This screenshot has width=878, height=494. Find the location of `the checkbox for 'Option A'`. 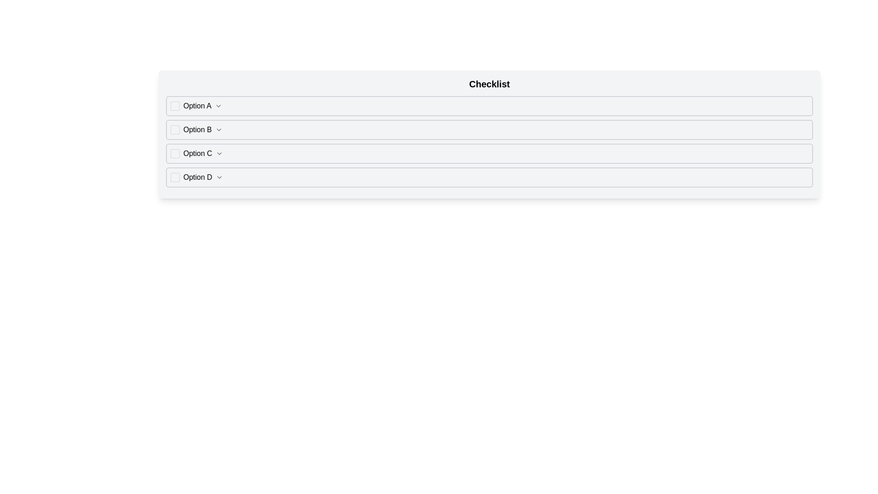

the checkbox for 'Option A' is located at coordinates (175, 105).